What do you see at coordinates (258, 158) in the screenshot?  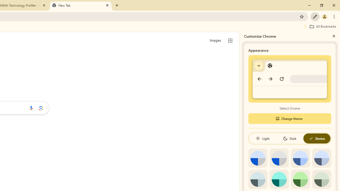 I see `'Default color'` at bounding box center [258, 158].